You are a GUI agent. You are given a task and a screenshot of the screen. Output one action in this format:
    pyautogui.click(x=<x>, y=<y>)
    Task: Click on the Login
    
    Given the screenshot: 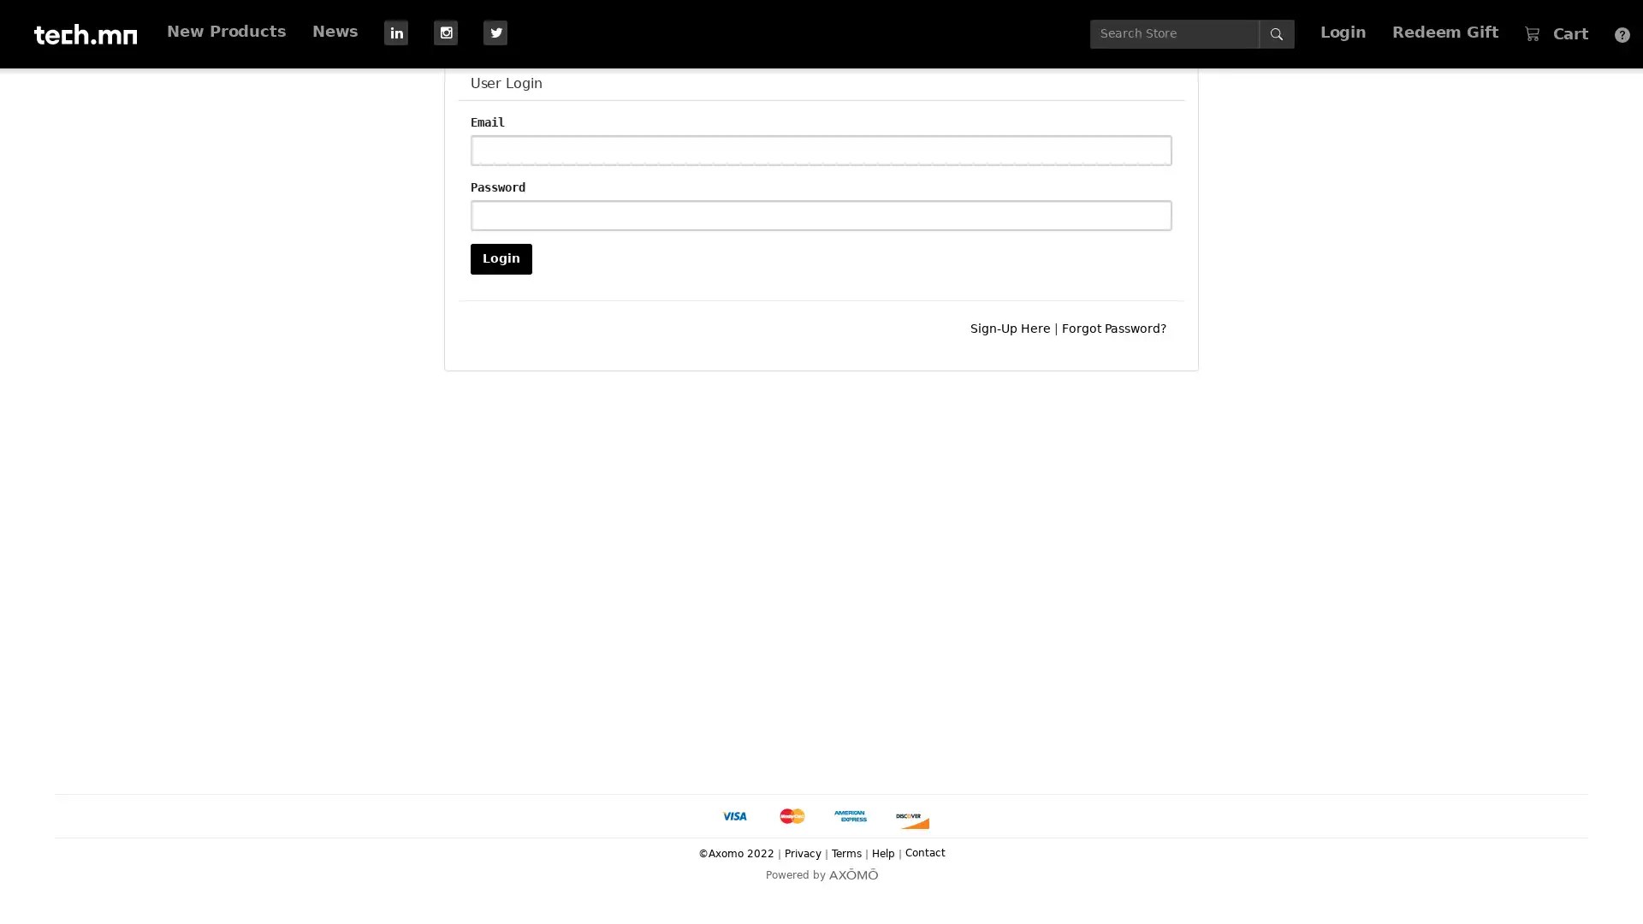 What is the action you would take?
    pyautogui.click(x=500, y=258)
    